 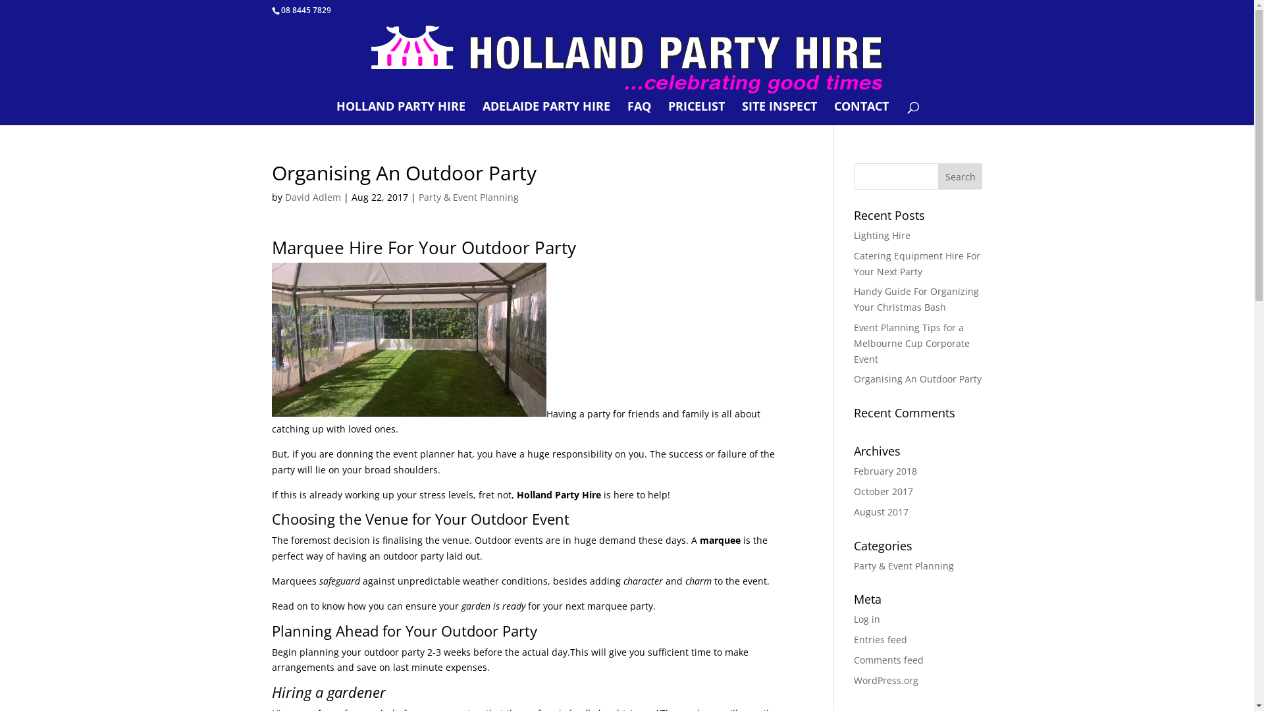 What do you see at coordinates (882, 234) in the screenshot?
I see `'Lighting Hire'` at bounding box center [882, 234].